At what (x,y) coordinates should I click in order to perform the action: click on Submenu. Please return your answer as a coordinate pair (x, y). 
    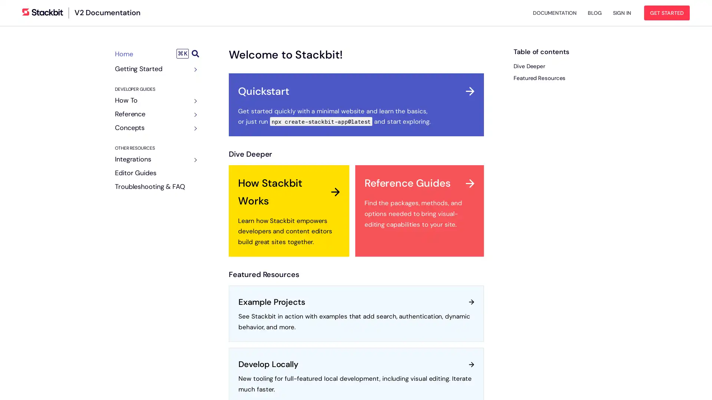
    Looking at the image, I should click on (194, 160).